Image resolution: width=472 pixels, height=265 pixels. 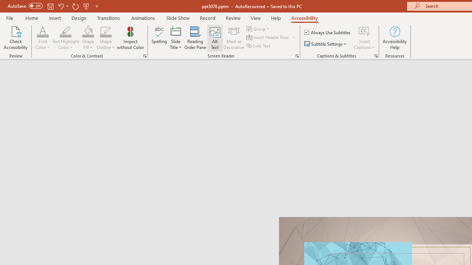 What do you see at coordinates (130, 38) in the screenshot?
I see `'Inspect without Color'` at bounding box center [130, 38].